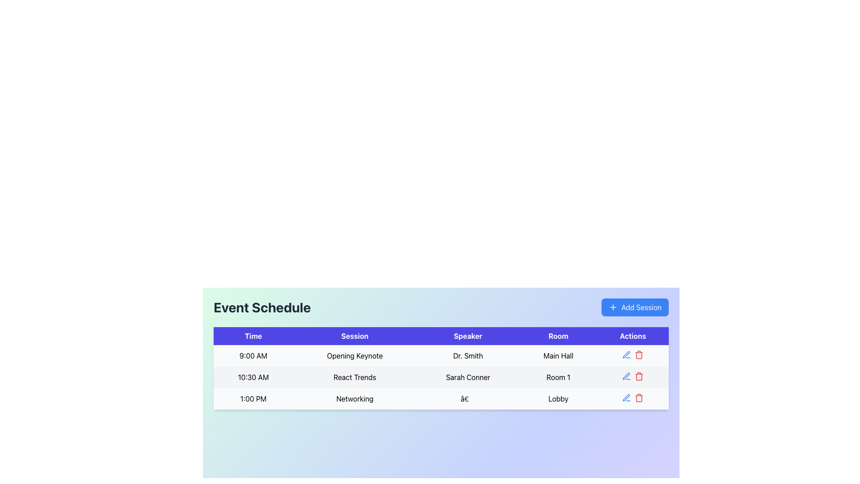 The height and width of the screenshot is (484, 860). What do you see at coordinates (354, 355) in the screenshot?
I see `the 'Opening Keynote' text label located in the second column of the first row under the 'Session' heading` at bounding box center [354, 355].